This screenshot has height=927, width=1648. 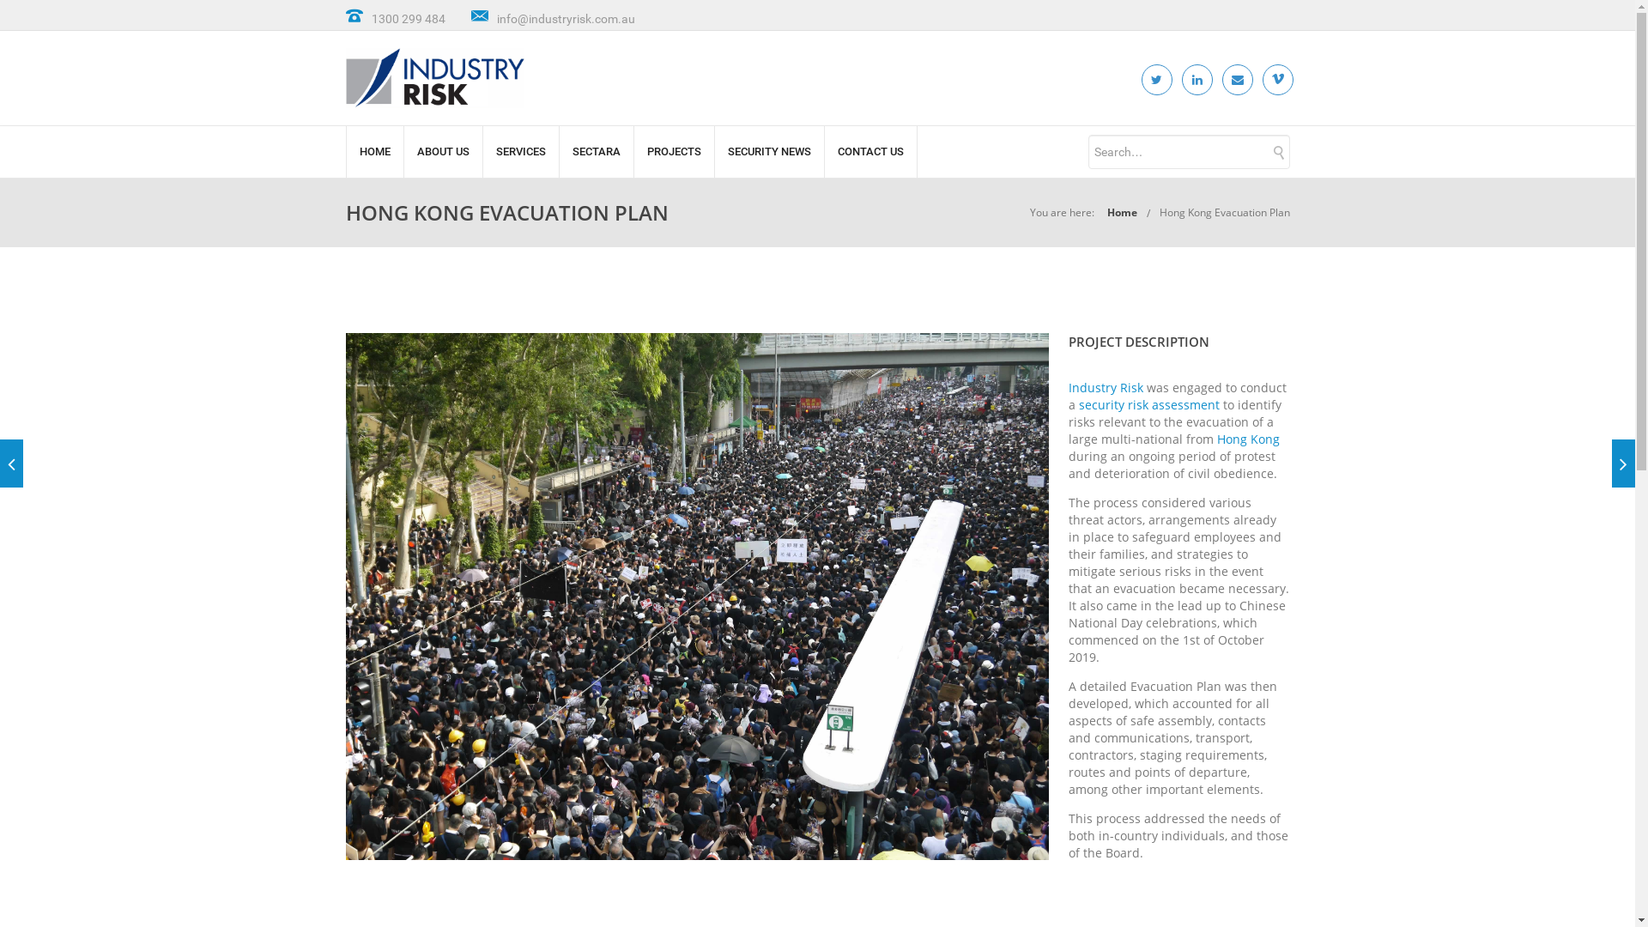 What do you see at coordinates (870, 151) in the screenshot?
I see `'CONTACT US'` at bounding box center [870, 151].